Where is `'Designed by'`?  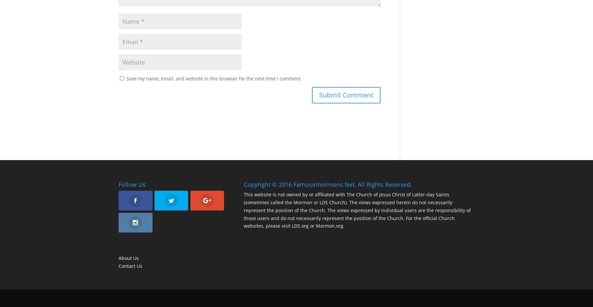
'Designed by' is located at coordinates (133, 298).